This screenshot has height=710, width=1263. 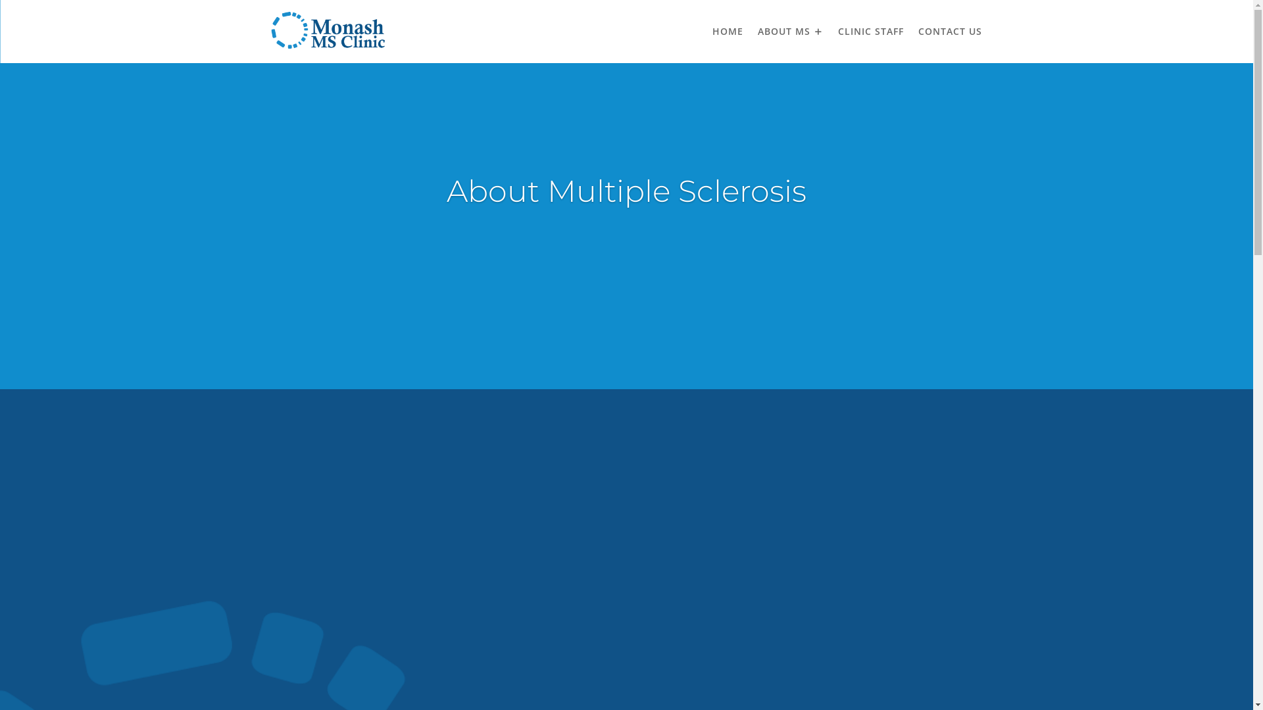 What do you see at coordinates (726, 30) in the screenshot?
I see `'HOME'` at bounding box center [726, 30].